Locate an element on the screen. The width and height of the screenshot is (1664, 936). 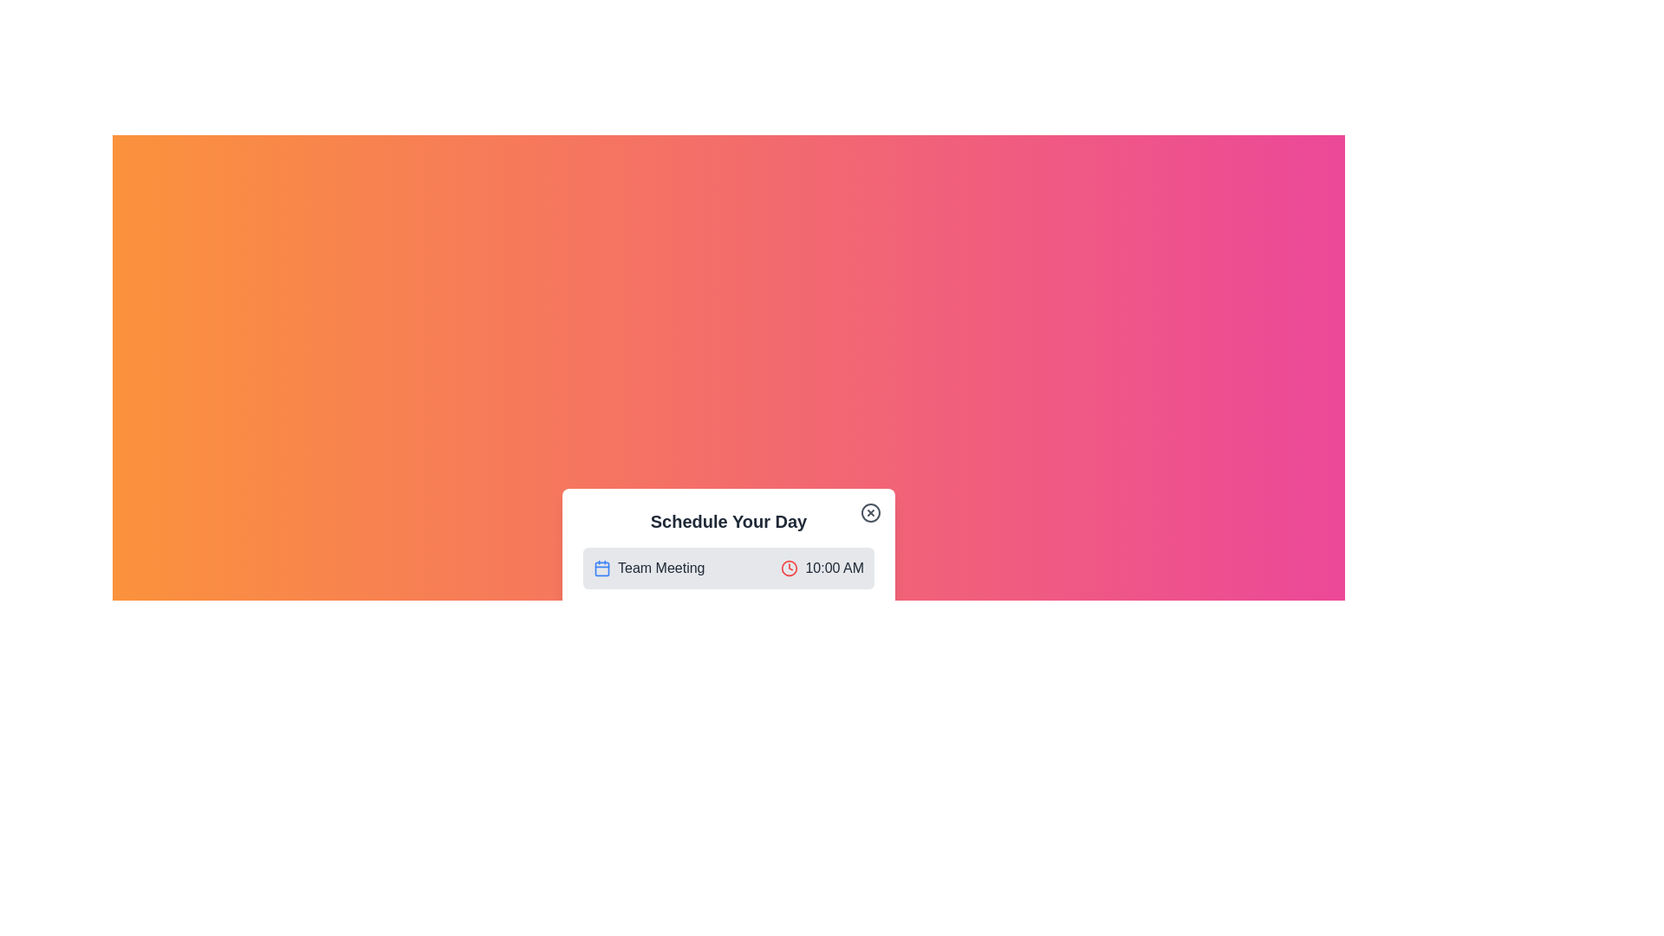
the button resembling a circle with a cross inside, located in the top-right corner of the 'Schedule Your Day' card is located at coordinates (870, 511).